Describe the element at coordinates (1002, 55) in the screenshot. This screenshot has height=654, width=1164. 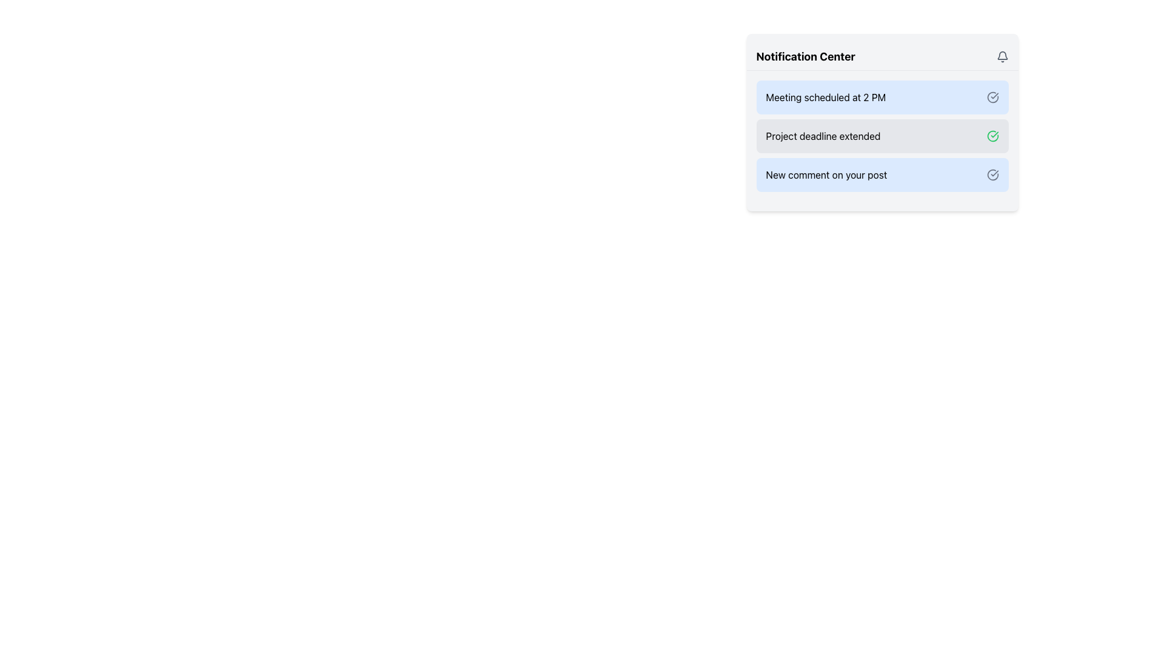
I see `the bell-shaped notification icon located at the top-right corner of the notification center panel` at that location.